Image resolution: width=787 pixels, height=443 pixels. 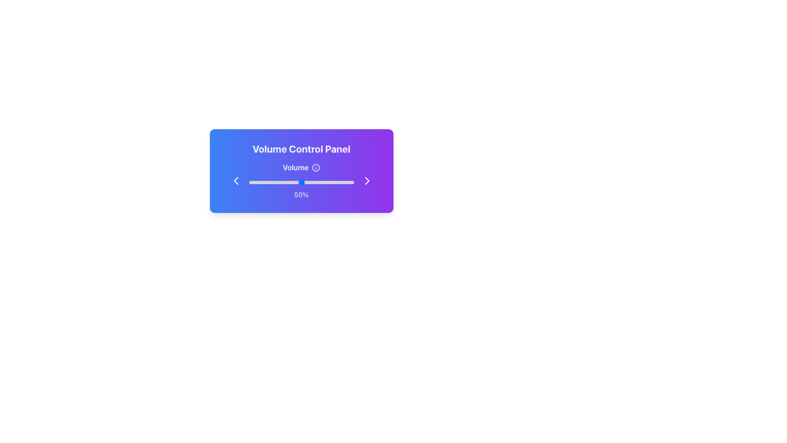 I want to click on the circular icon with a hollow border and a central dot, located to the right of the 'Volume' label in the interface, so click(x=315, y=167).